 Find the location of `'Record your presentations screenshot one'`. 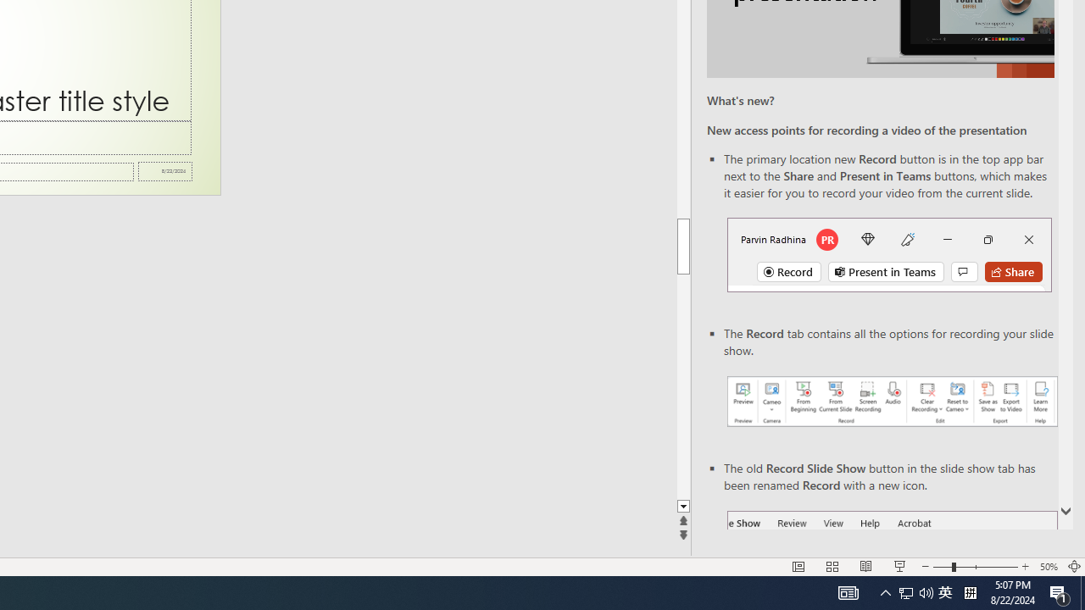

'Record your presentations screenshot one' is located at coordinates (891, 402).